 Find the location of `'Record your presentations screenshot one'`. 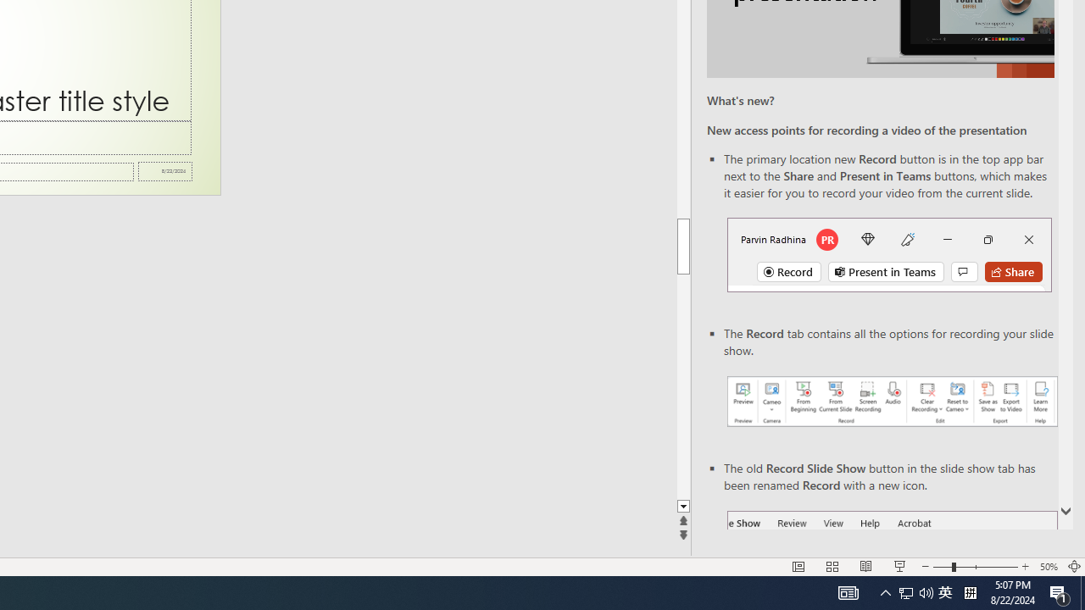

'Record your presentations screenshot one' is located at coordinates (891, 402).